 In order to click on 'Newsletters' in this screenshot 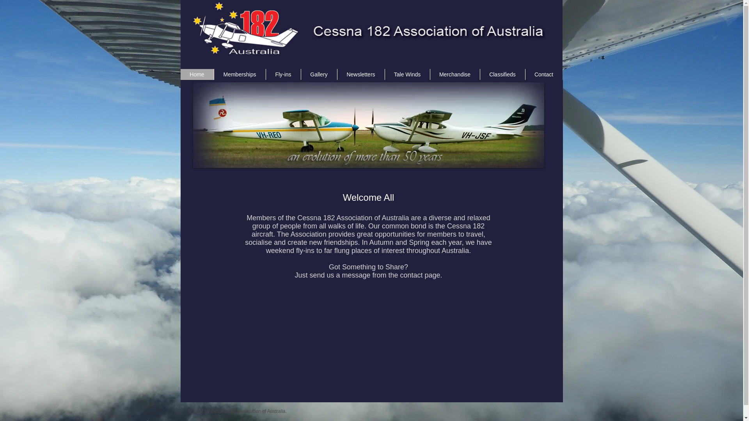, I will do `click(360, 74)`.